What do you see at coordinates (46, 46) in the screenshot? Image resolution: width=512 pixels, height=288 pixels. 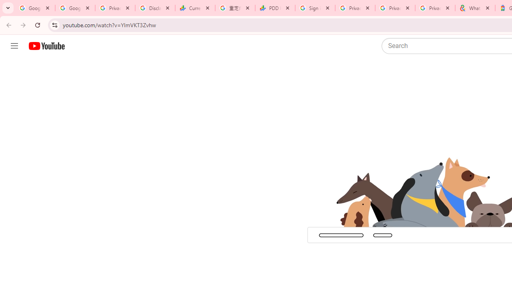 I see `'YouTube Home'` at bounding box center [46, 46].